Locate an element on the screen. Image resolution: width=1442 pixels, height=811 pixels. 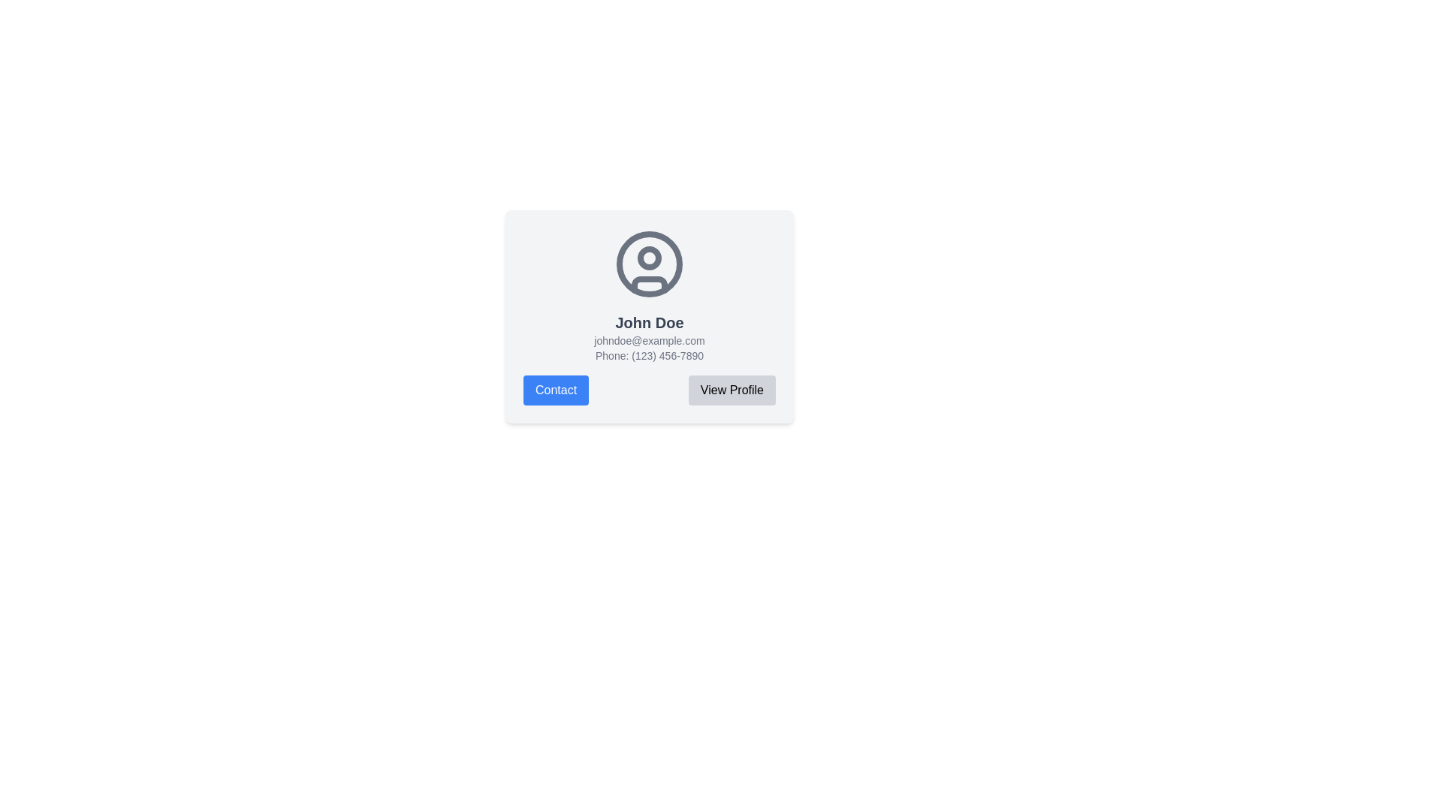
small circle element located near the upper-center of the user profile icon by using developer tools is located at coordinates (649, 257).